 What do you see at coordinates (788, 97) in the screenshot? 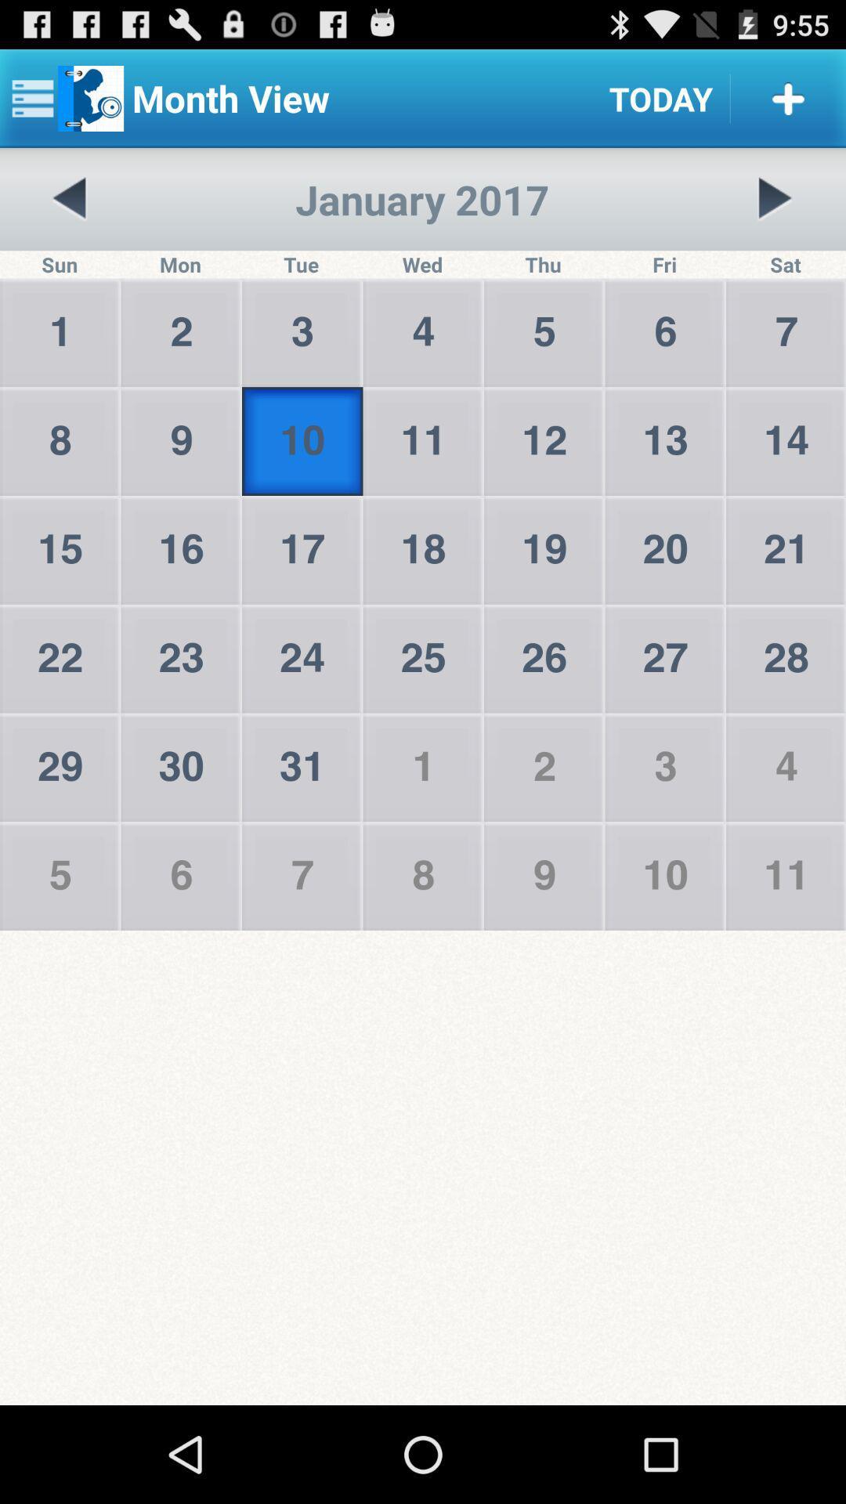
I see `an event` at bounding box center [788, 97].